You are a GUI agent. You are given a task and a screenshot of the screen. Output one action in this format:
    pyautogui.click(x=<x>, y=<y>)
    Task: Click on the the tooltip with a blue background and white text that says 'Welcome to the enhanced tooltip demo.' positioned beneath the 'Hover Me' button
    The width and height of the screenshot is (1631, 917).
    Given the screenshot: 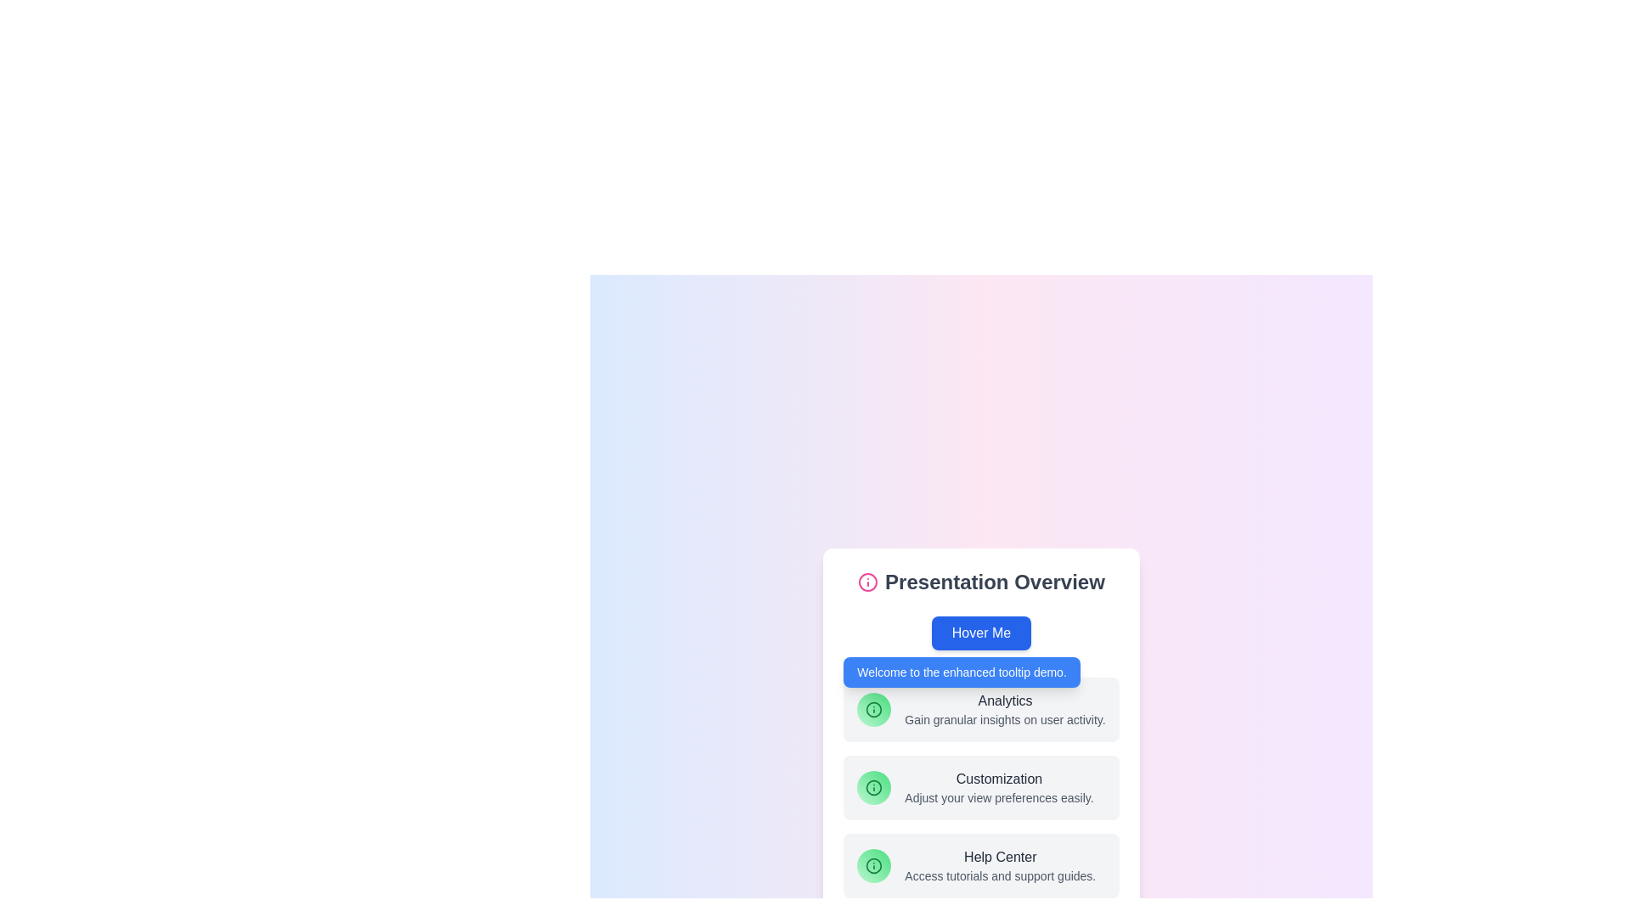 What is the action you would take?
    pyautogui.click(x=962, y=671)
    